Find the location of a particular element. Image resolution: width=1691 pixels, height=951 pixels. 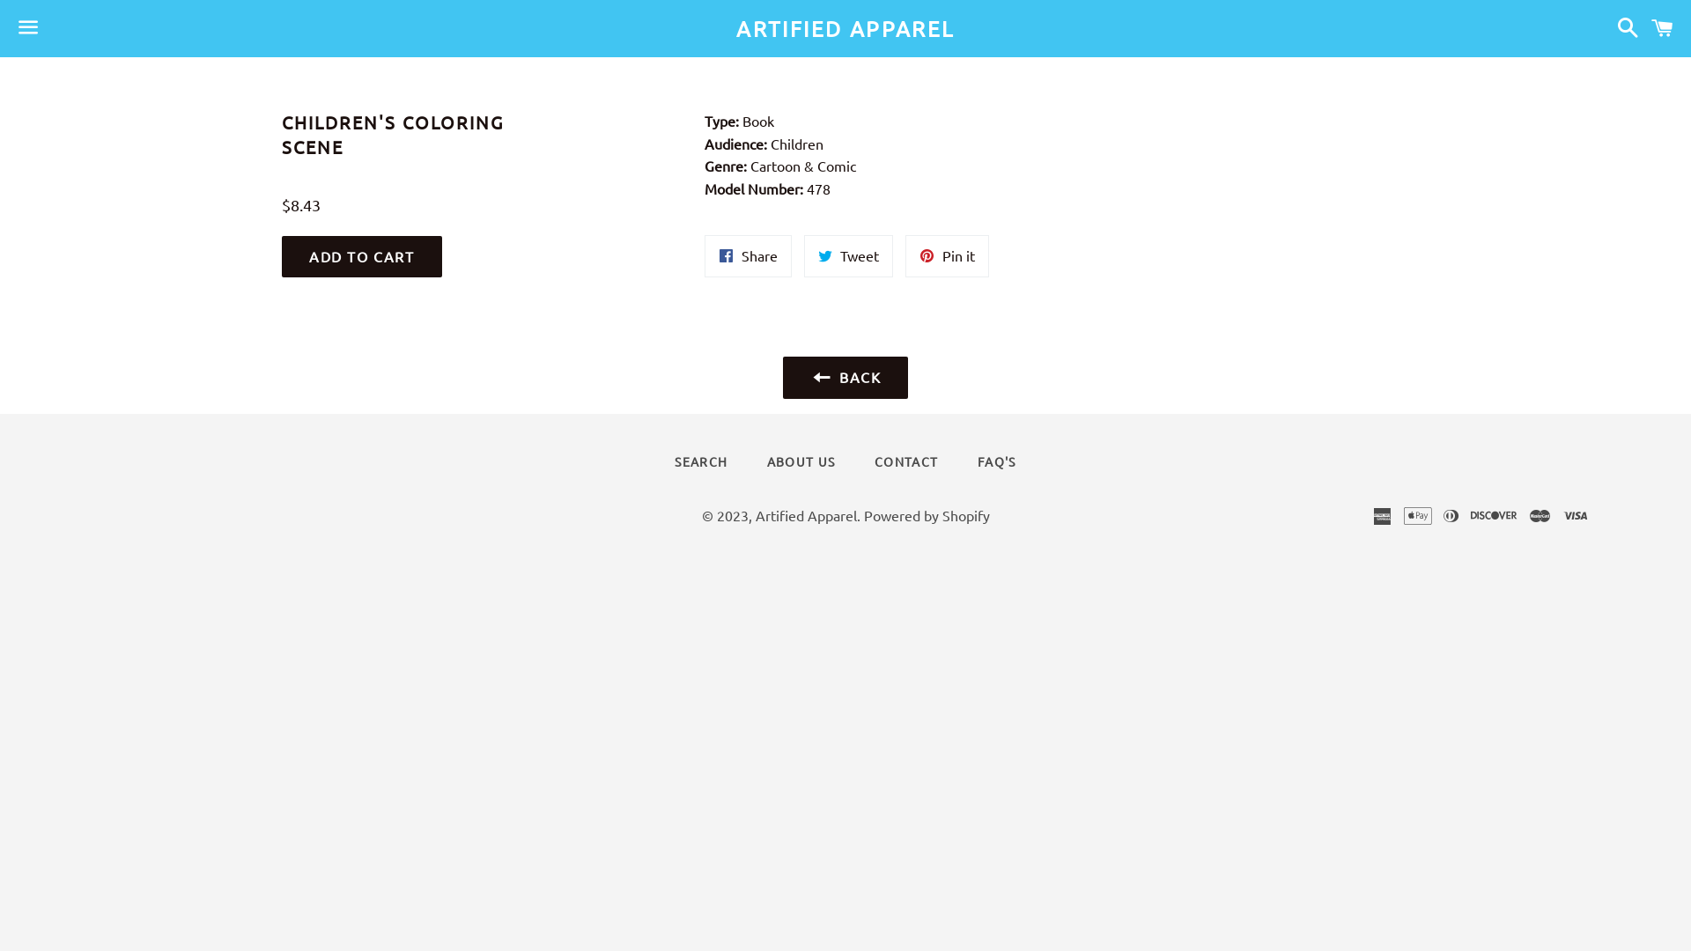

'Search' is located at coordinates (1622, 27).